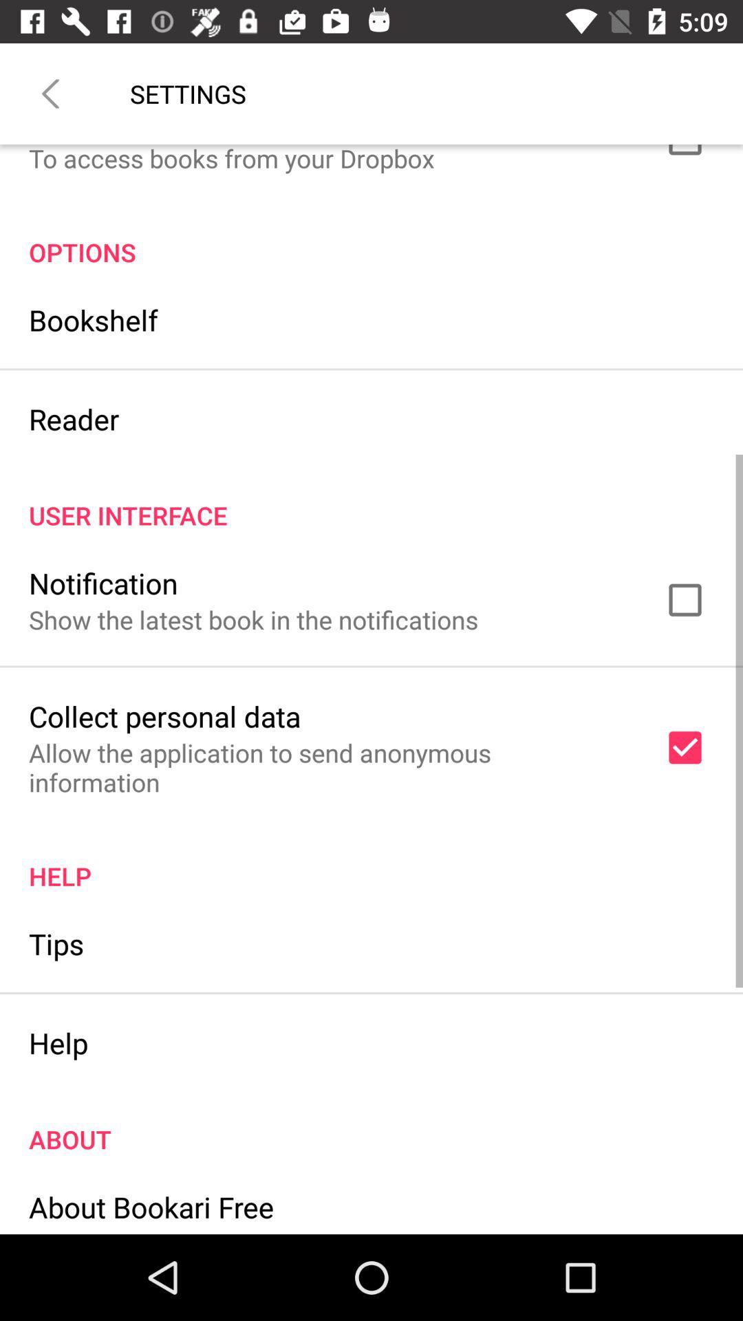  Describe the element at coordinates (151, 1206) in the screenshot. I see `icon below the about item` at that location.